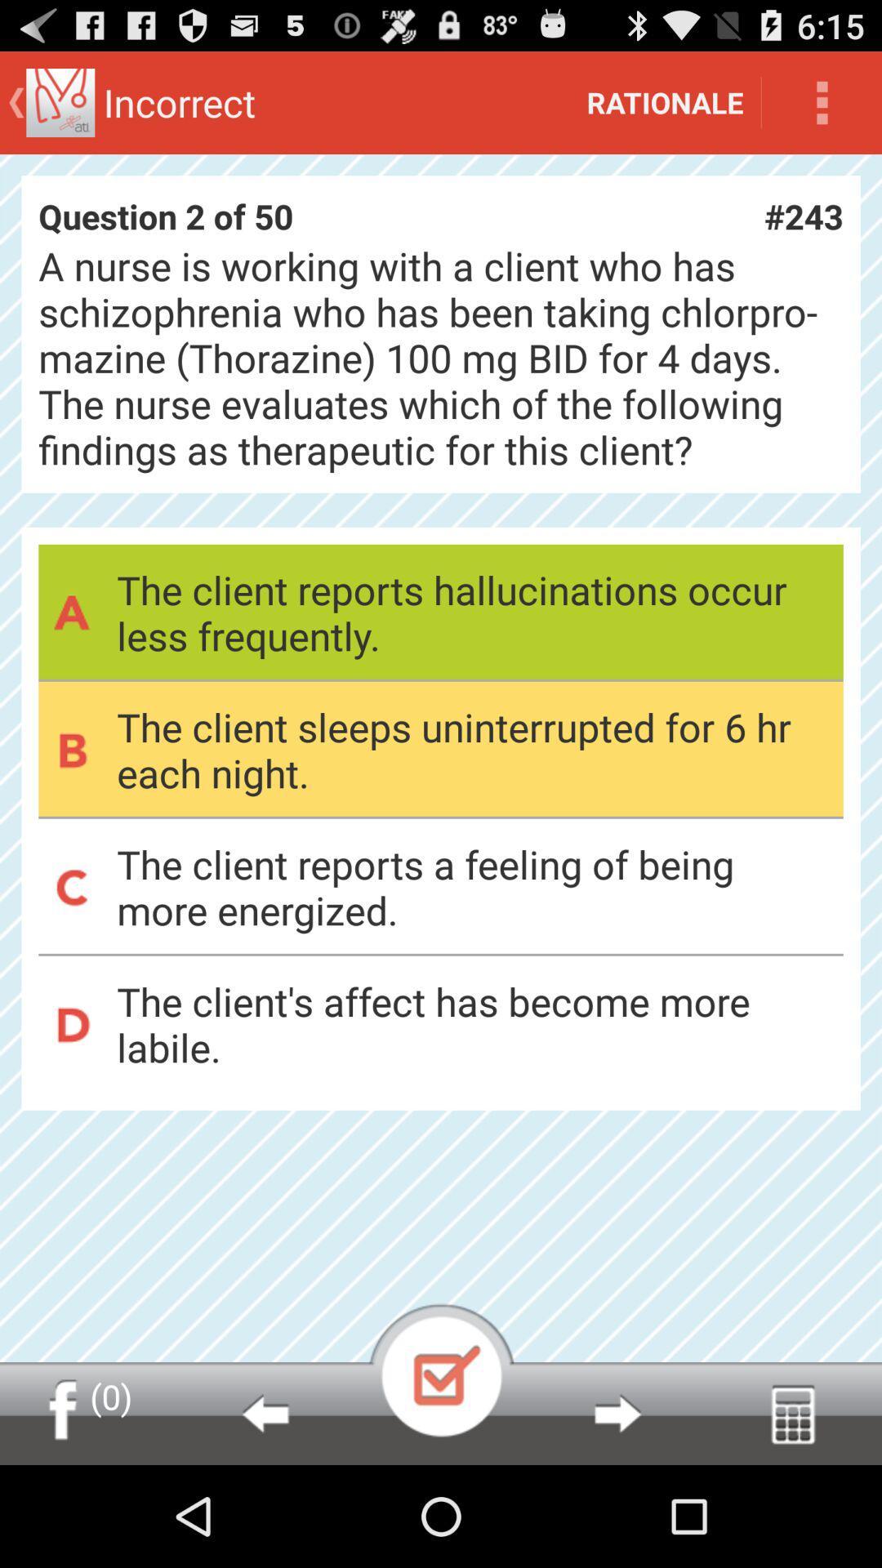 This screenshot has width=882, height=1568. Describe the element at coordinates (264, 1512) in the screenshot. I see `the arrow_backward icon` at that location.